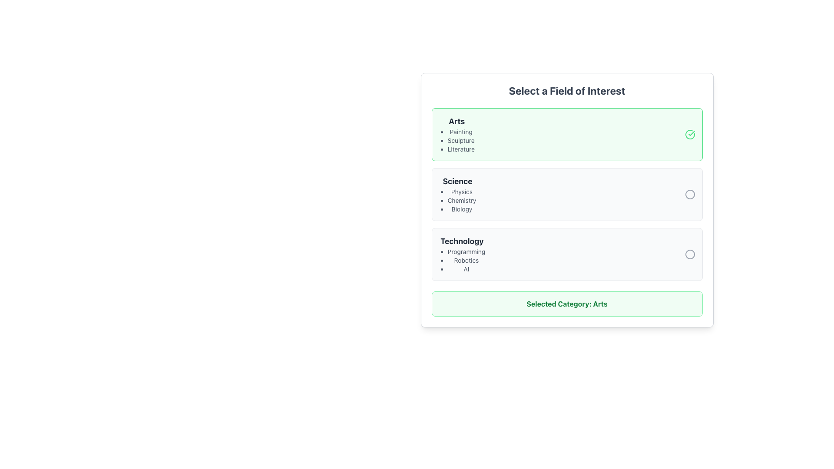 The height and width of the screenshot is (469, 834). Describe the element at coordinates (460, 149) in the screenshot. I see `text from the 'Literature' text label, which is the third item in the vertical list under the 'Arts' section, displayed in gray font color` at that location.